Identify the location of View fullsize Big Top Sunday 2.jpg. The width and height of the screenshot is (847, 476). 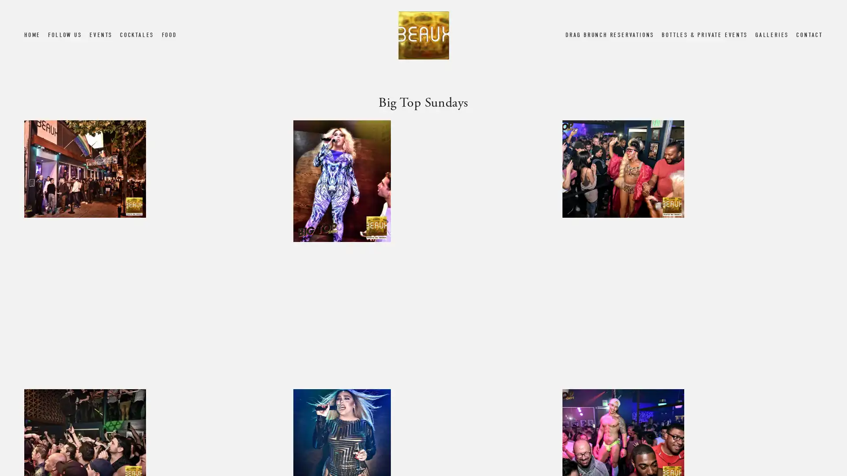
(423, 250).